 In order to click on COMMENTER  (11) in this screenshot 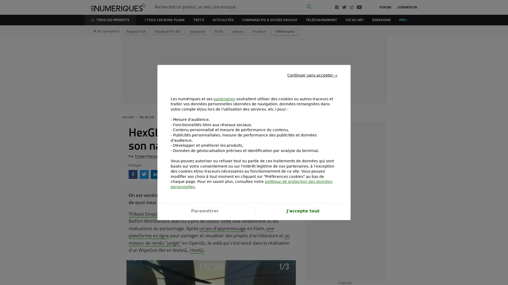, I will do `click(272, 174)`.